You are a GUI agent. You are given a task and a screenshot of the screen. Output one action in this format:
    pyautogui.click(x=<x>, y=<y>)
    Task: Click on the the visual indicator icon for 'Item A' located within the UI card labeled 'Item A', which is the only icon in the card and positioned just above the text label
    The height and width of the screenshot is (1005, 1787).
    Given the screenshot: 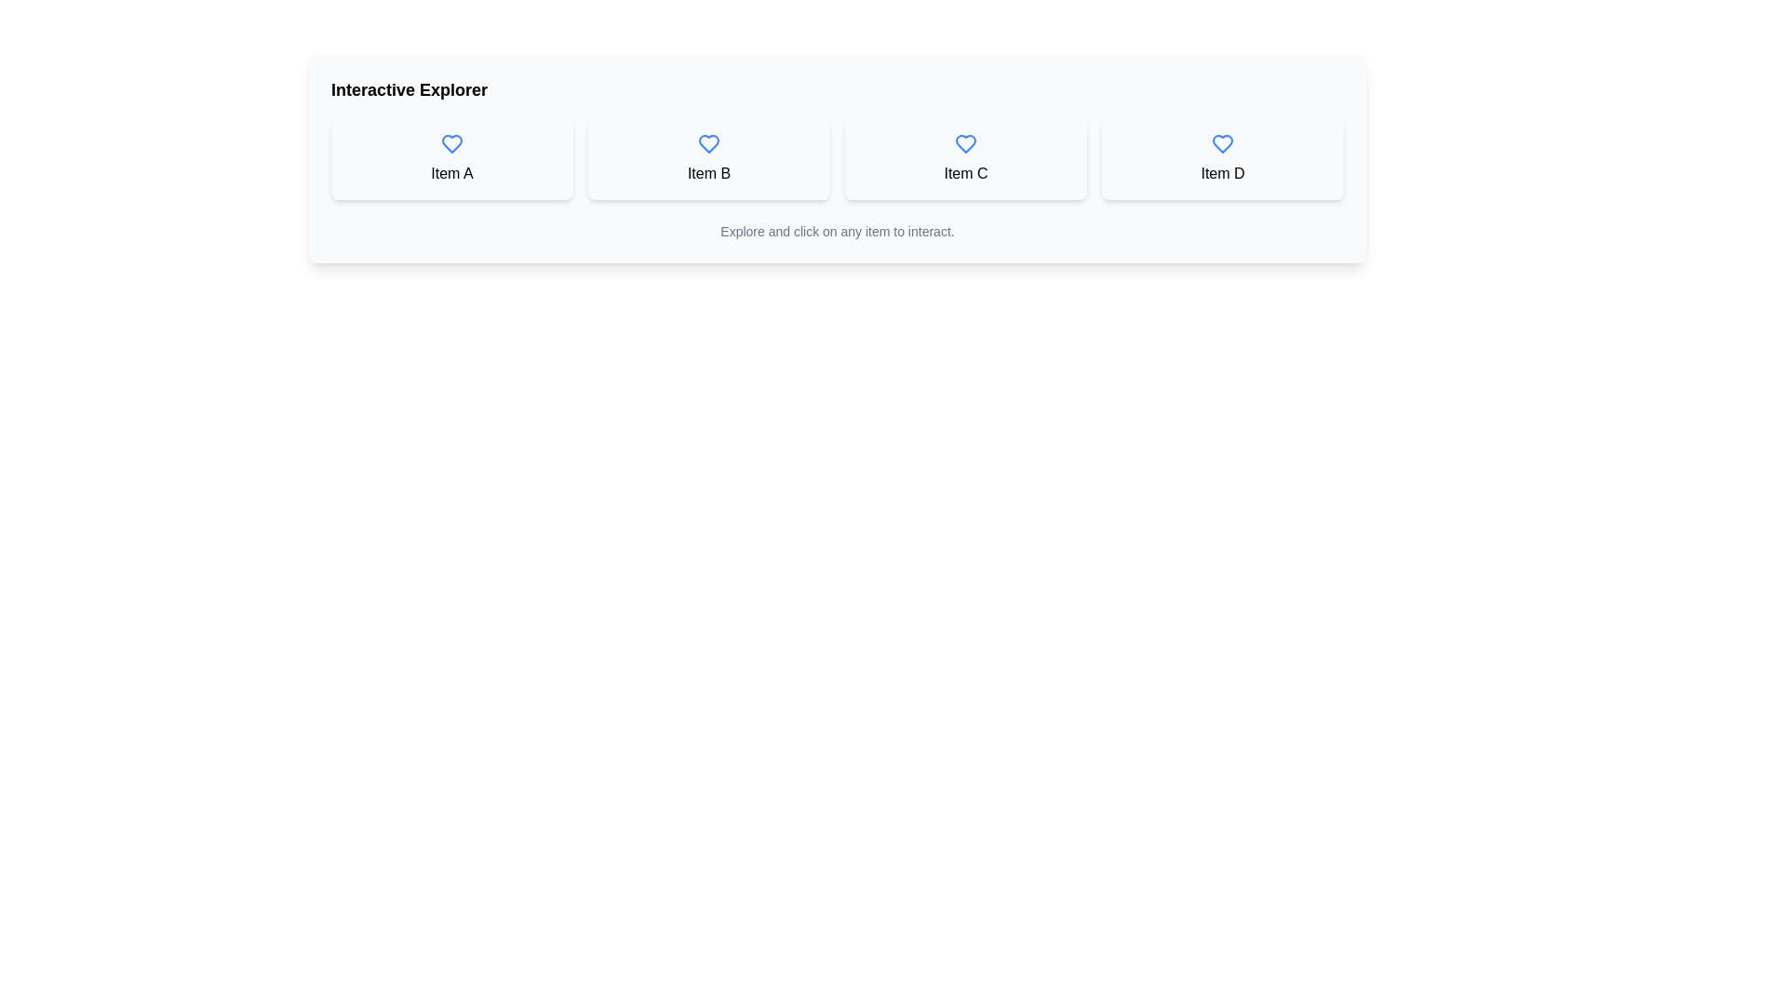 What is the action you would take?
    pyautogui.click(x=451, y=142)
    